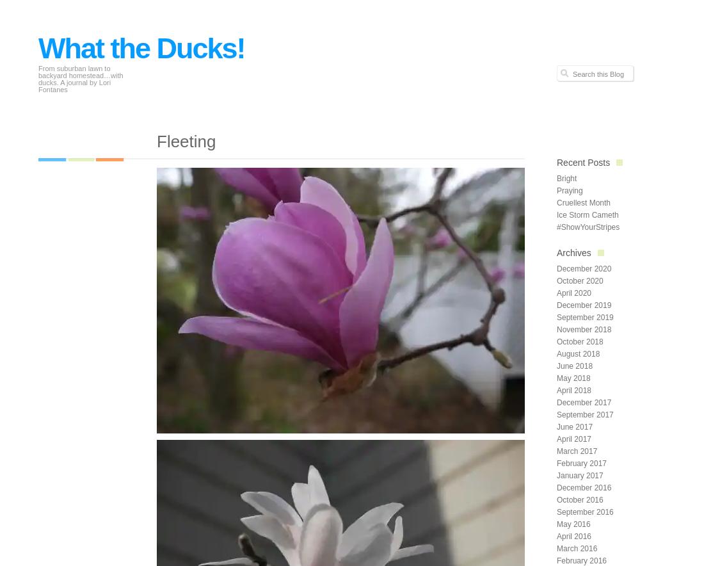  Describe the element at coordinates (575, 426) in the screenshot. I see `'June 2017'` at that location.